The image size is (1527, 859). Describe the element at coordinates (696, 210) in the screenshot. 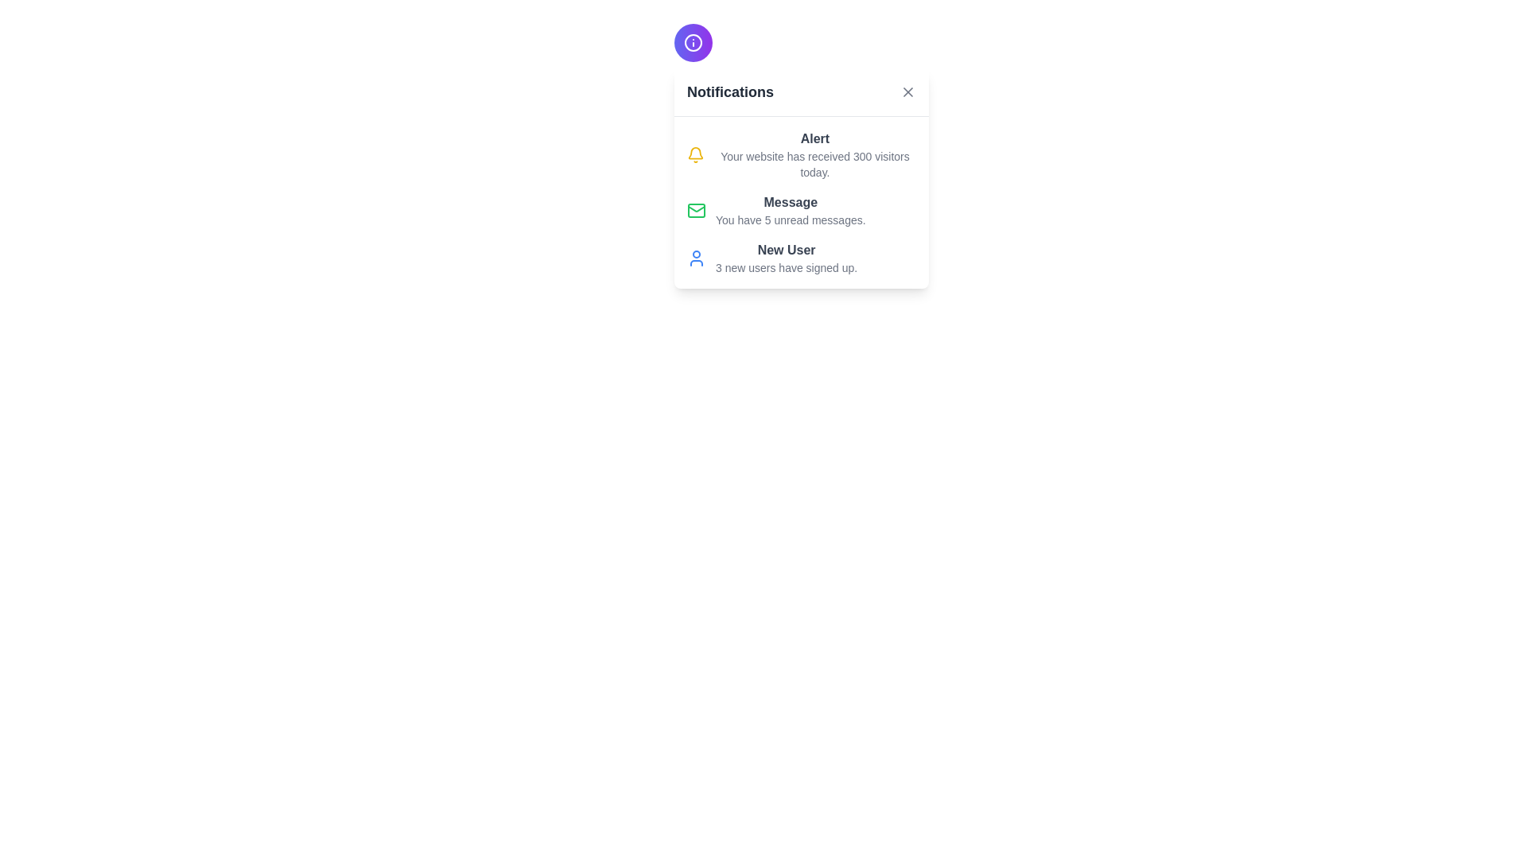

I see `the 'Message' notification icon located in the Notification panel, which represents unread messages` at that location.